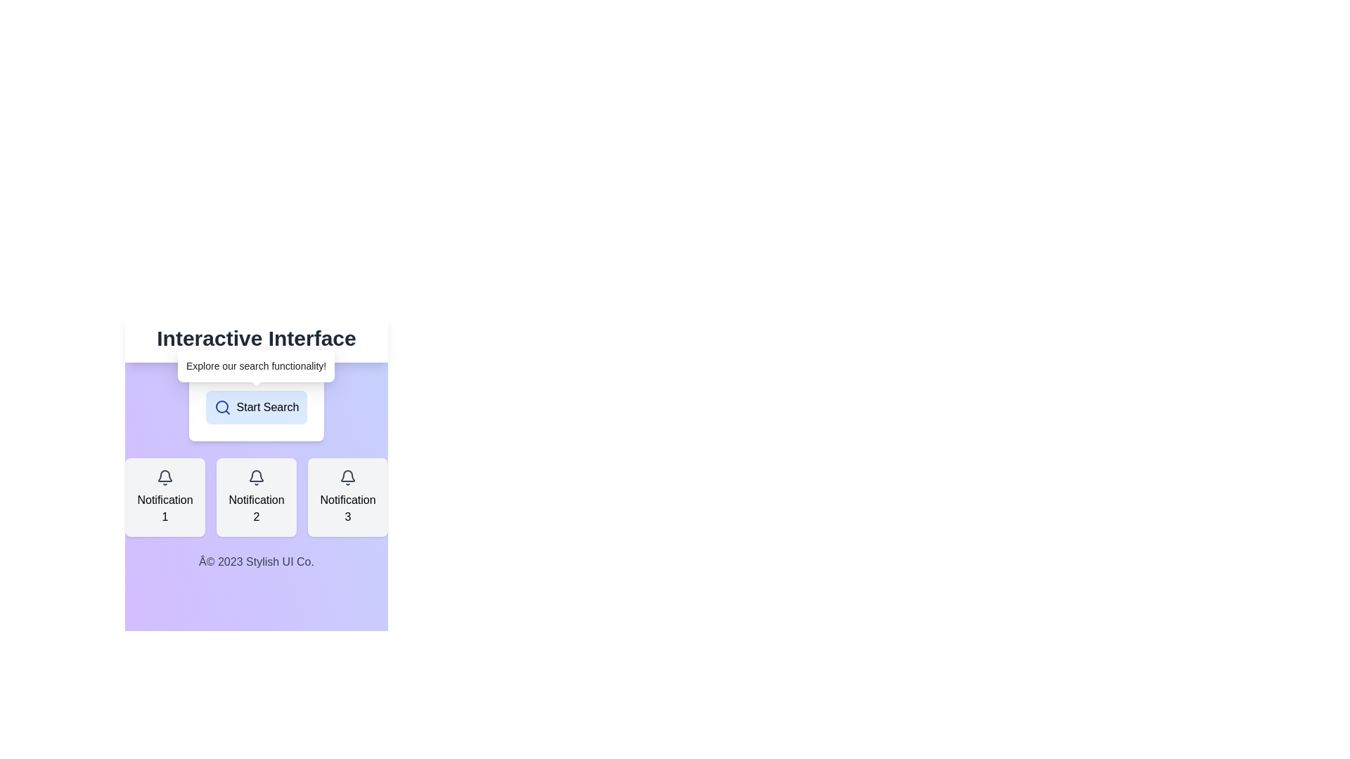 This screenshot has width=1350, height=759. Describe the element at coordinates (165, 509) in the screenshot. I see `the text label displaying 'Notification 1', which is the bottom item inside the leftmost card in a grid of three horizontally aligned notification cards` at that location.